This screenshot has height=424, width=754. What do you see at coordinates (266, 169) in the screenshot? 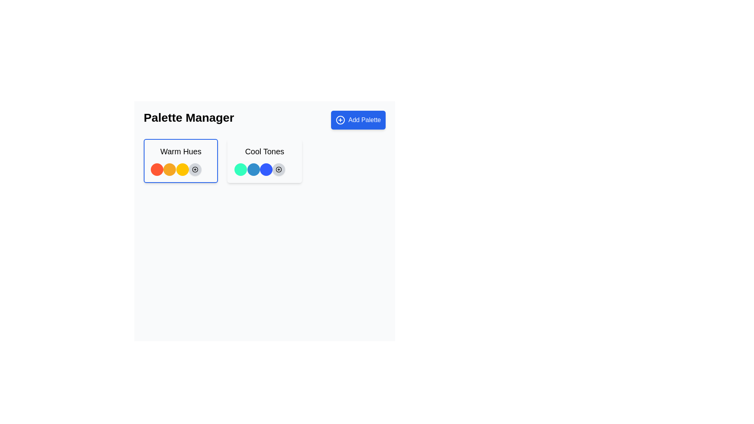
I see `the third color circle representing the blue color in the 'Cool Tones' palette group` at bounding box center [266, 169].